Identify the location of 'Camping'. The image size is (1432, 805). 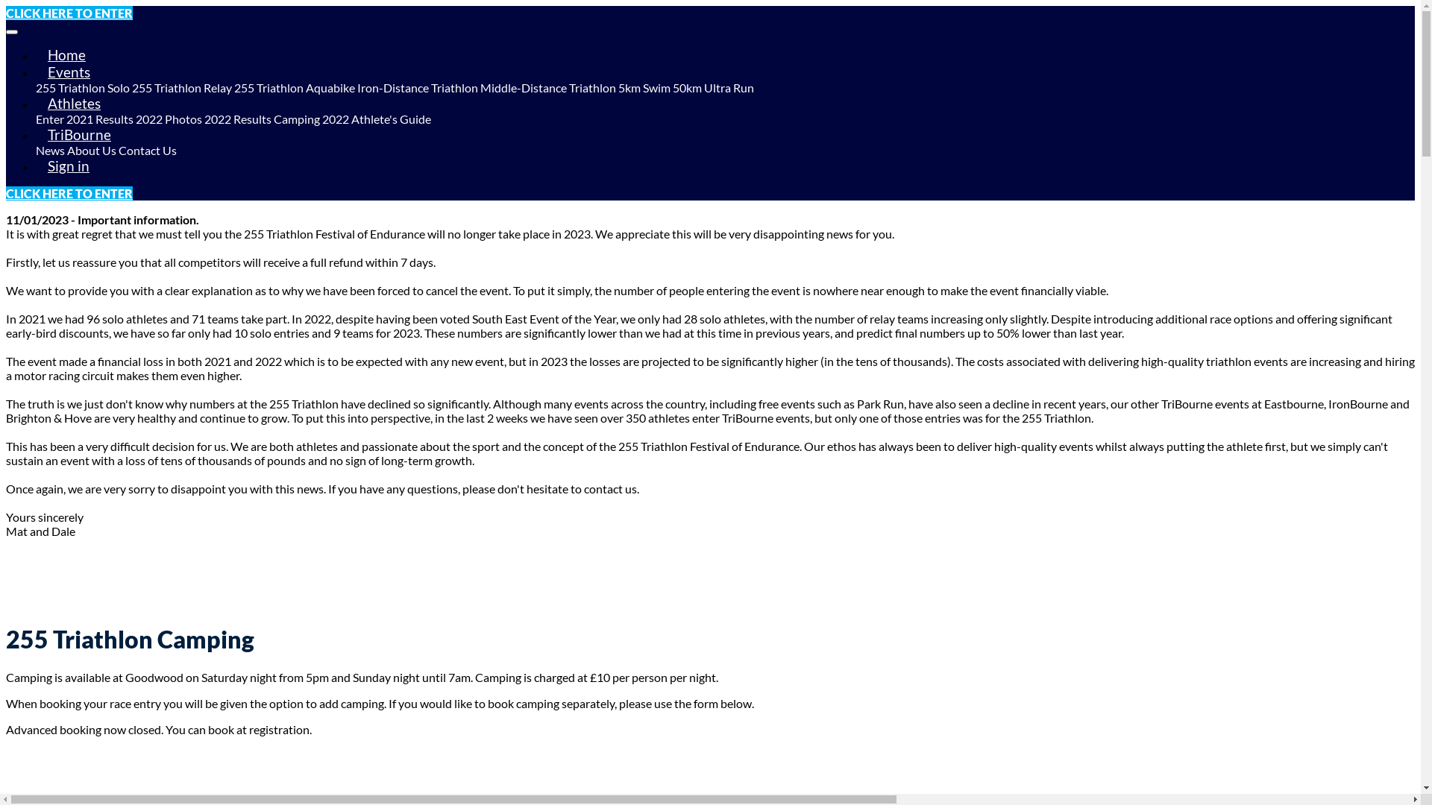
(297, 118).